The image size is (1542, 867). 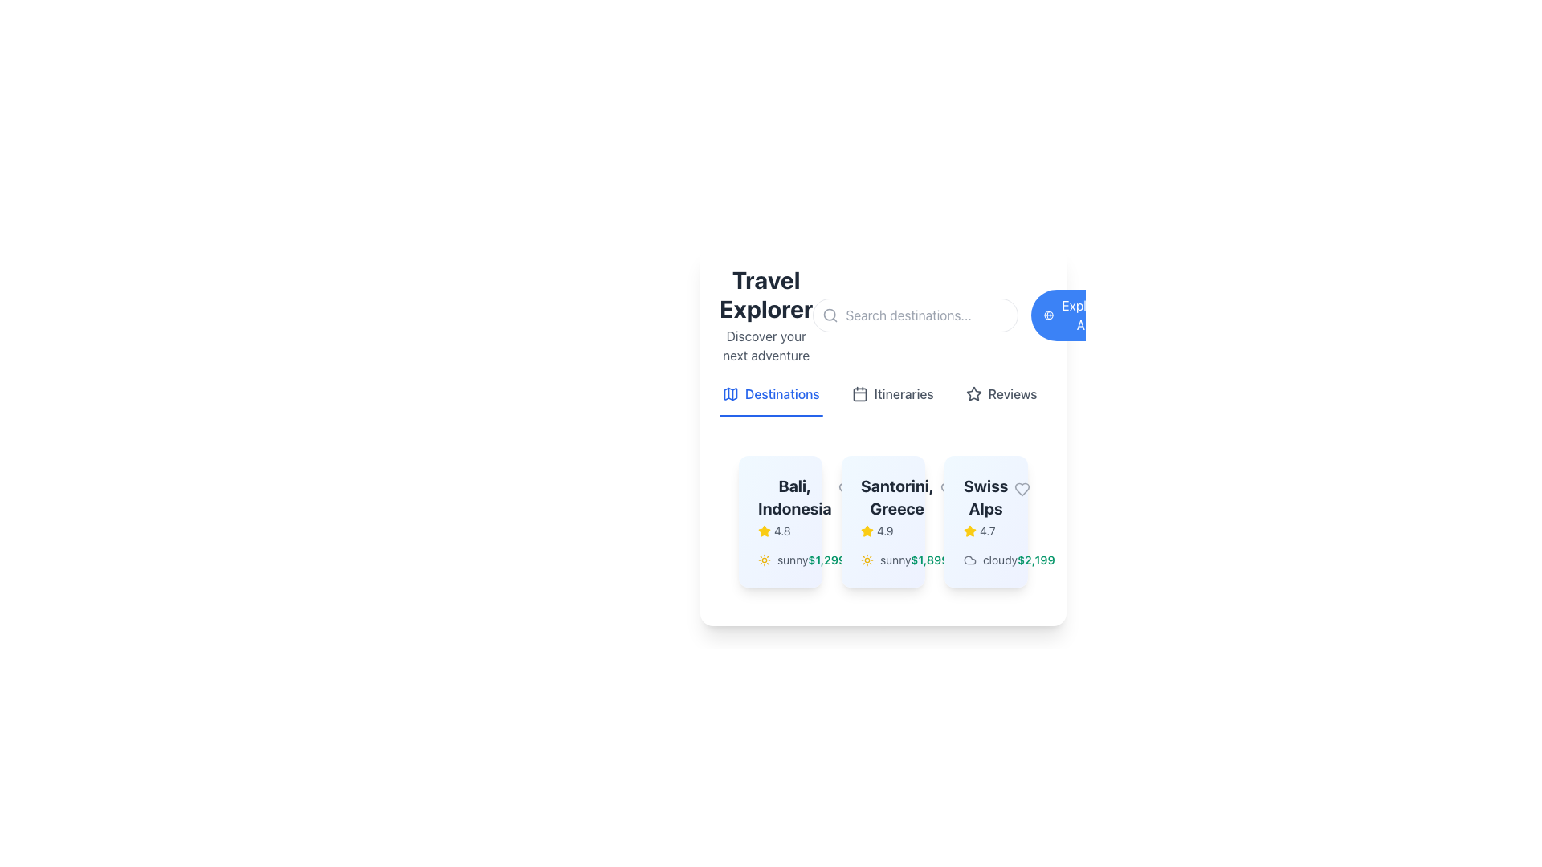 I want to click on the cloudy weather icon located in the 'Swiss Alps' card, positioned next to the text 'cloudy $2,199', so click(x=969, y=560).